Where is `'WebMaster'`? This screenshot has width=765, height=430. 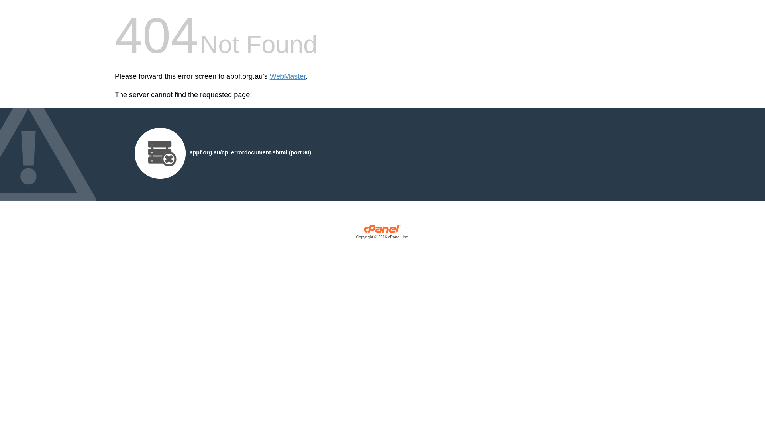
'WebMaster' is located at coordinates (287, 76).